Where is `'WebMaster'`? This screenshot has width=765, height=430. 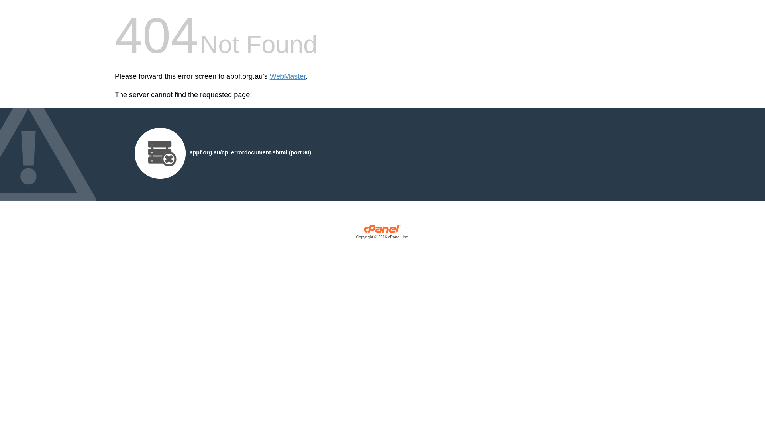
'WebMaster' is located at coordinates (287, 76).